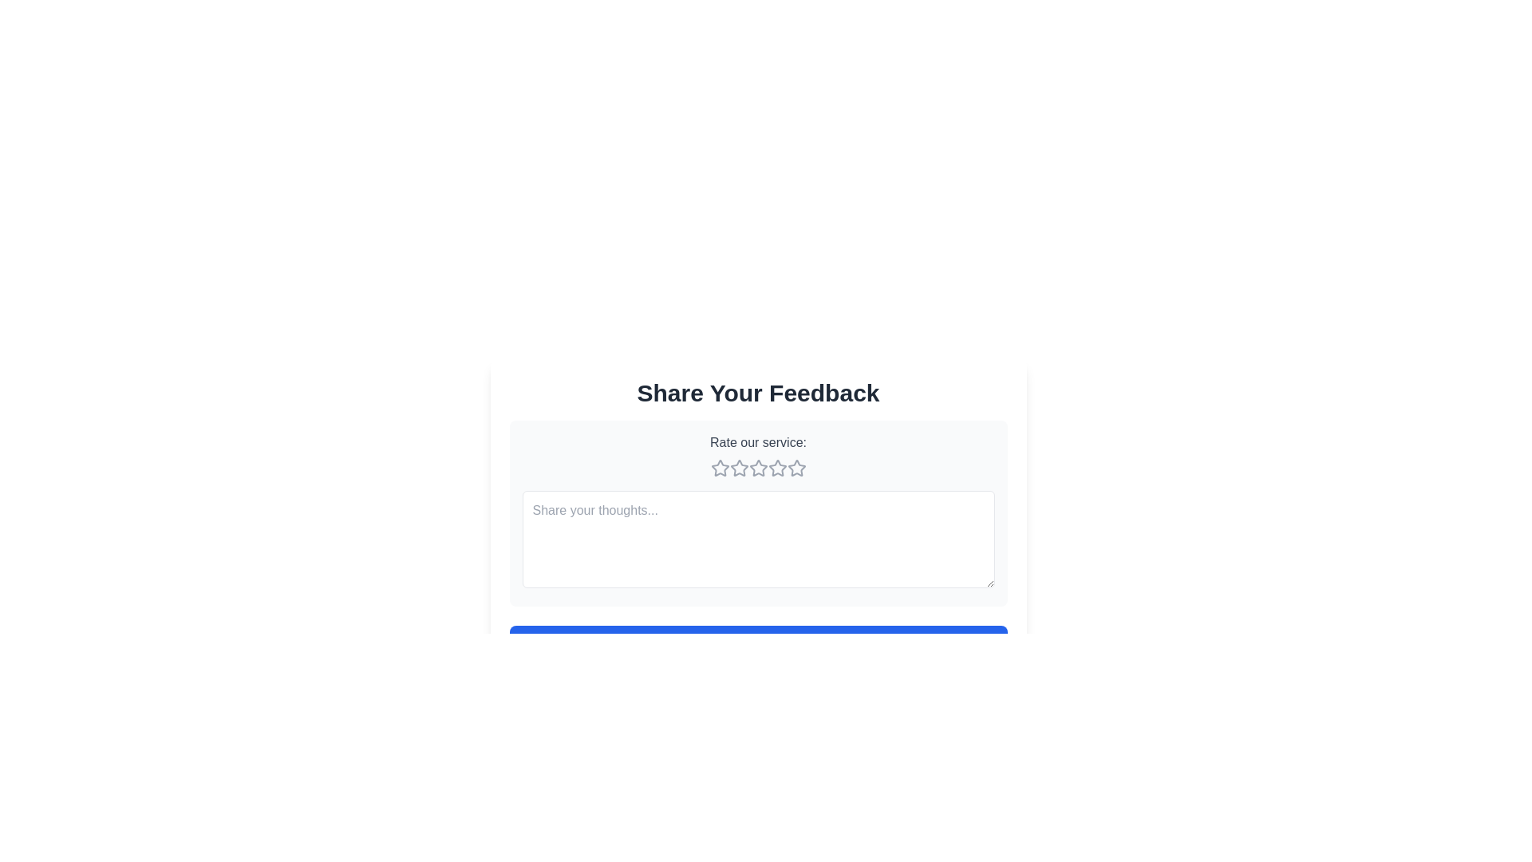 Image resolution: width=1532 pixels, height=862 pixels. I want to click on the first star-shaped rating icon in the 'Rate our service' section, which is styled with a hollow outline and is part of a horizontal row of five stars, so click(719, 467).